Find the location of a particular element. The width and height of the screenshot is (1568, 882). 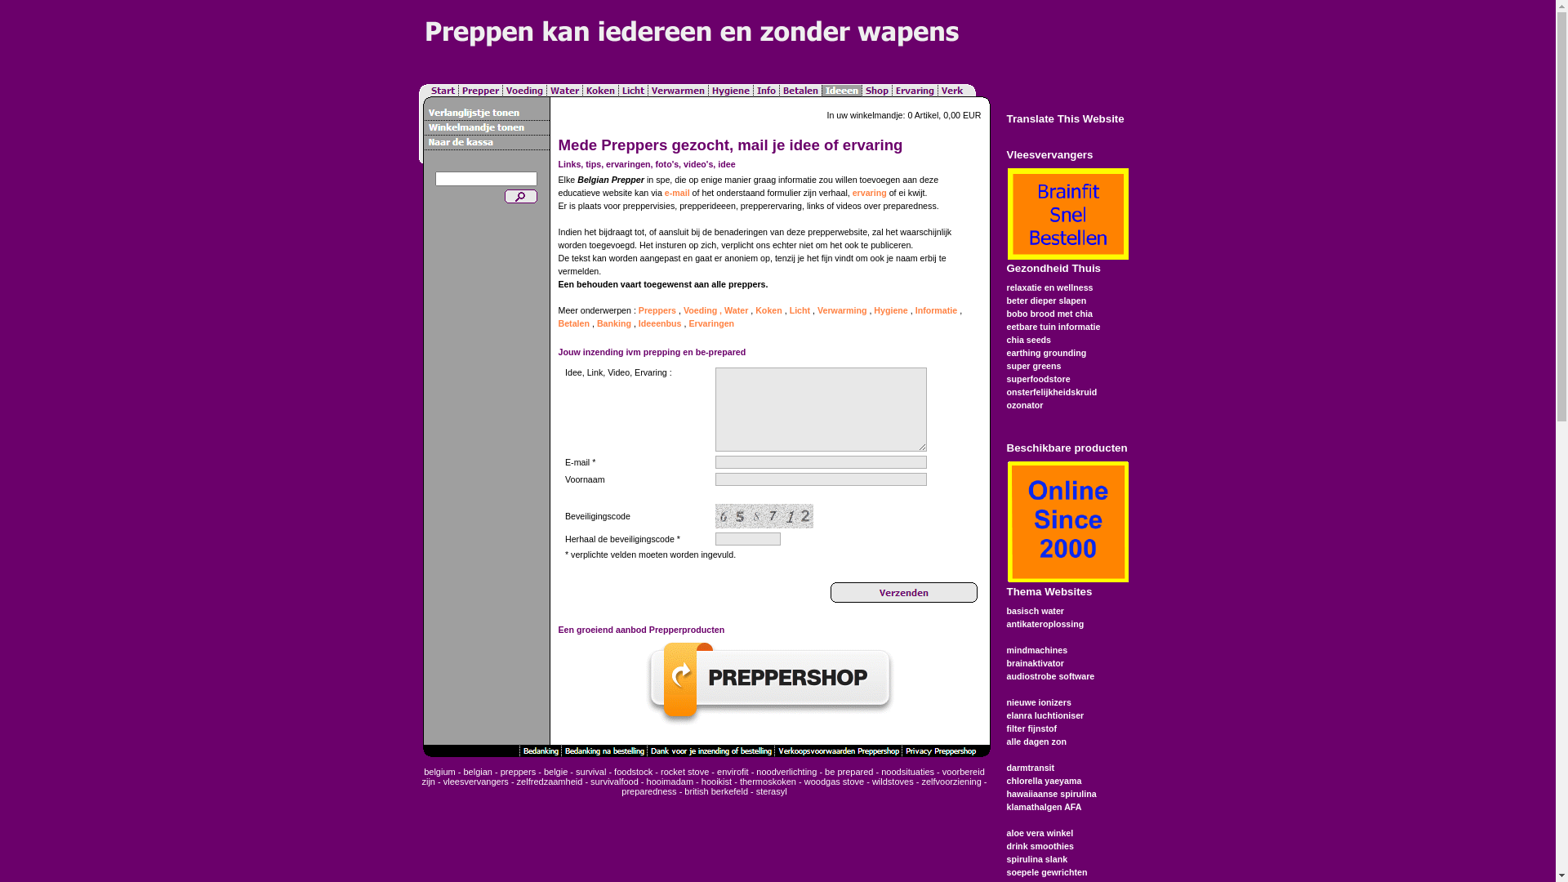

'Ervaringen' is located at coordinates (710, 323).